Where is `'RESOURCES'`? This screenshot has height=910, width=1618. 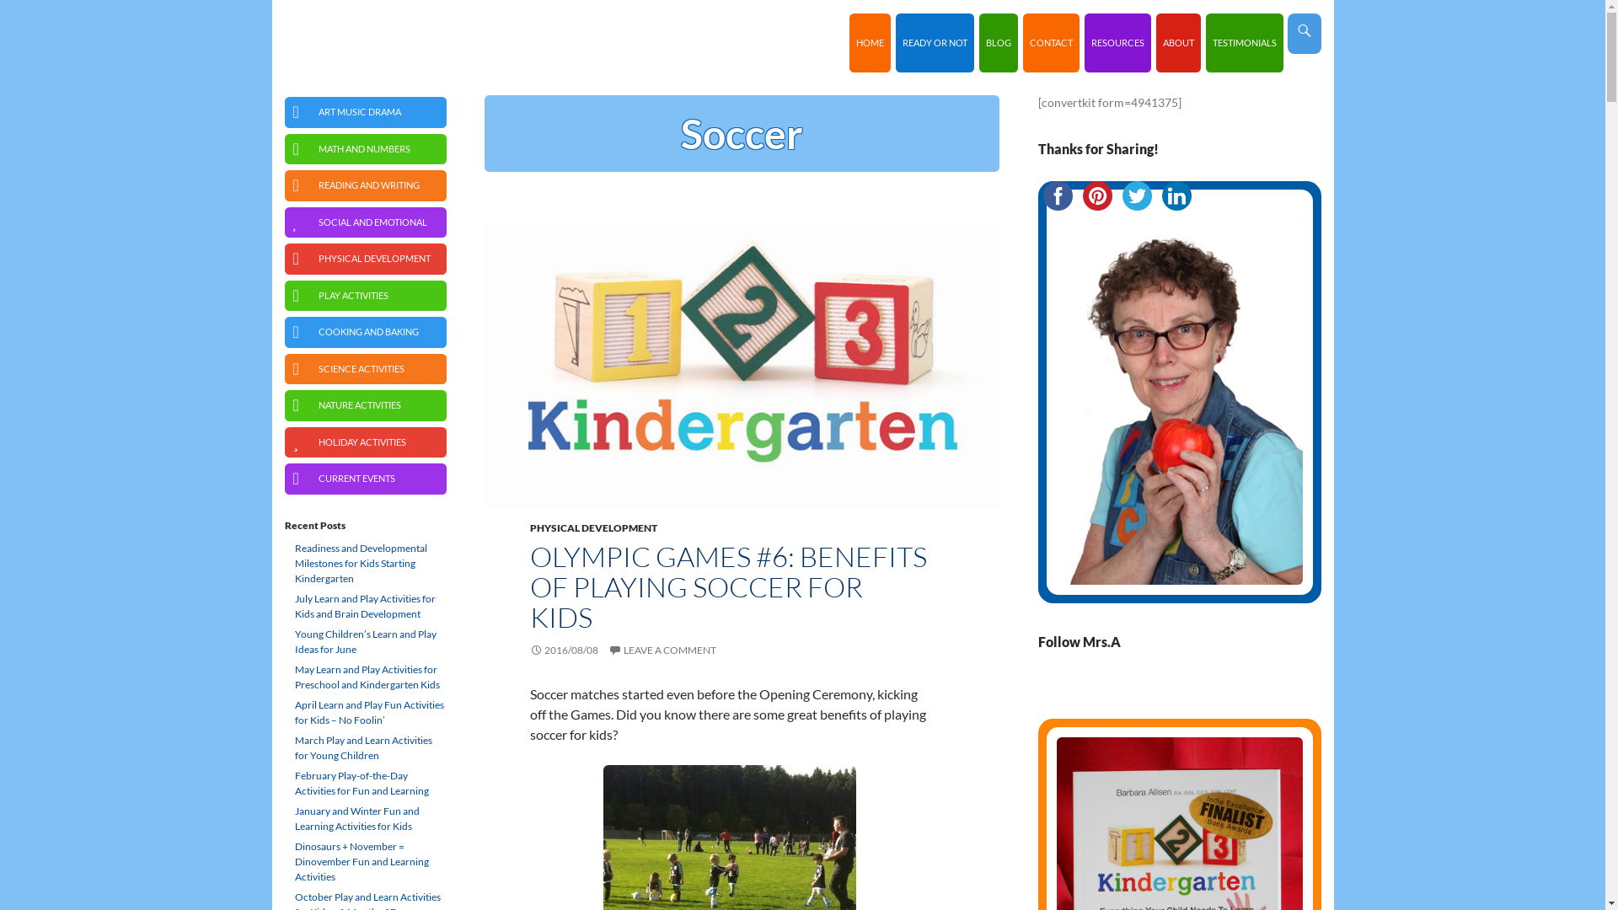 'RESOURCES' is located at coordinates (1084, 41).